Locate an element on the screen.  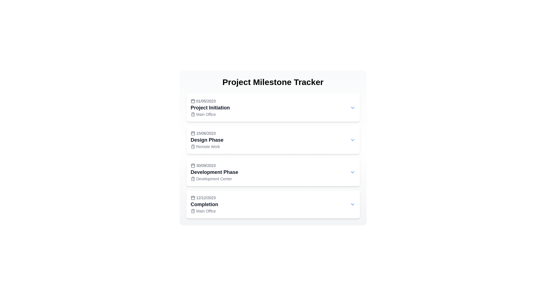
the 'Remote Work' label, which is aligned to the right of a clipboard icon, located below the 'Design Phase' title is located at coordinates (207, 146).